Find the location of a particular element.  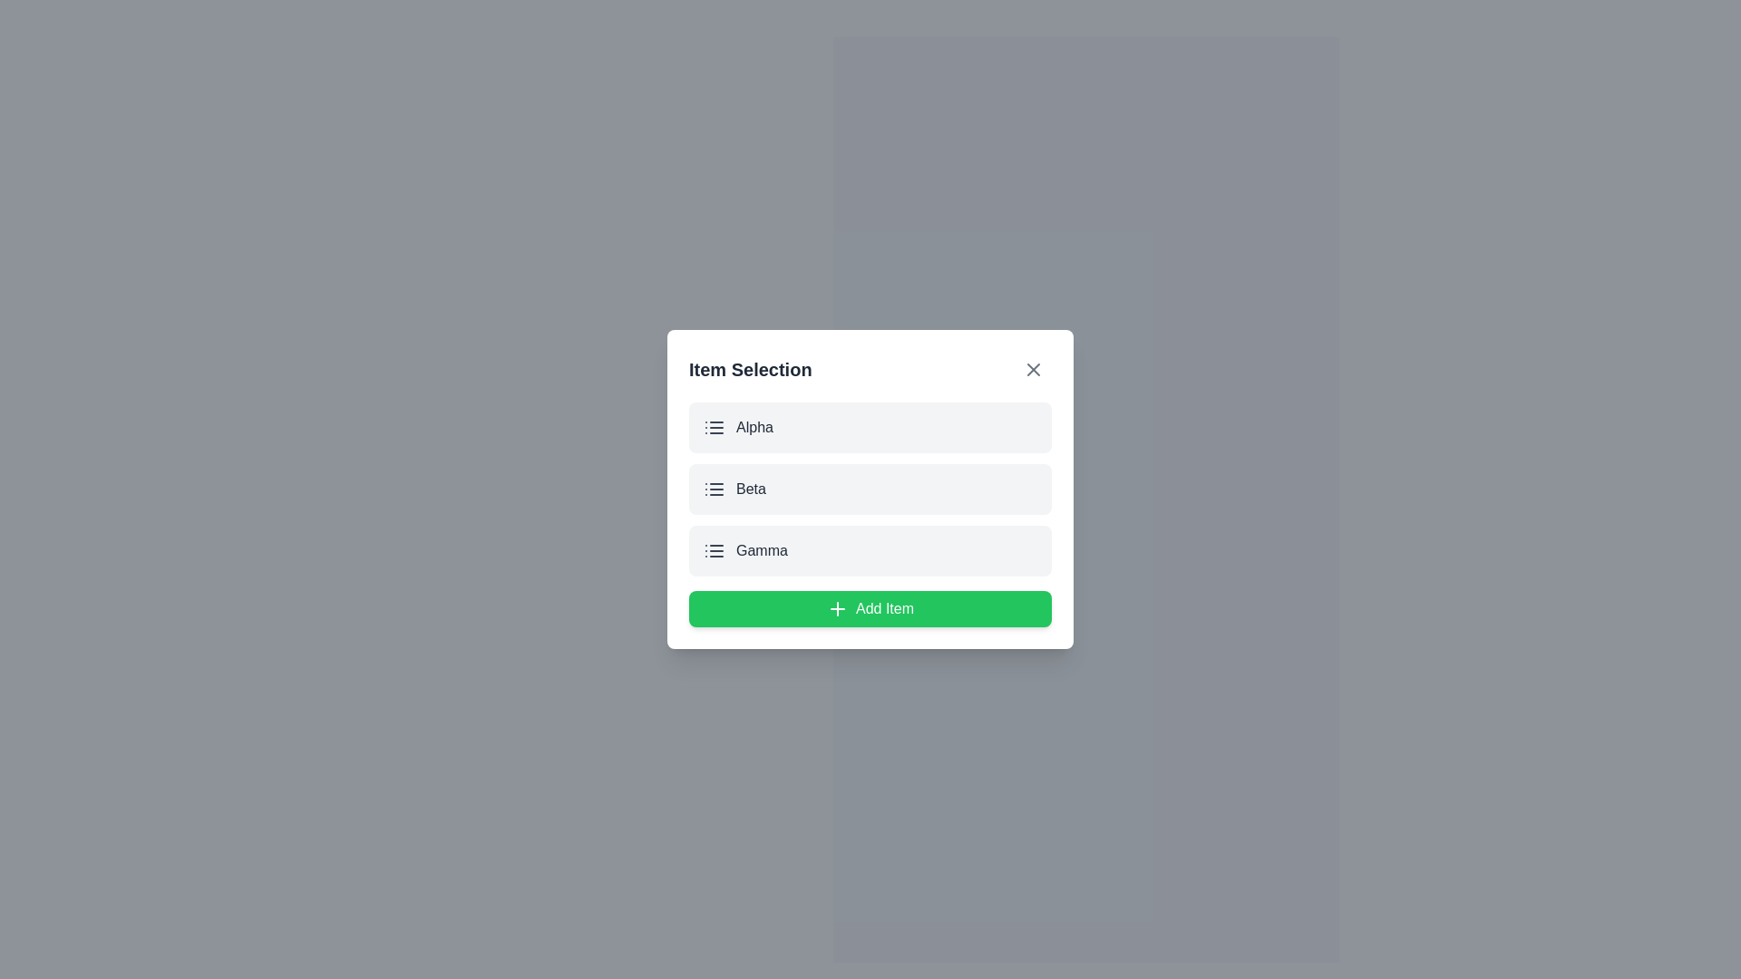

the list item Beta is located at coordinates (870, 489).